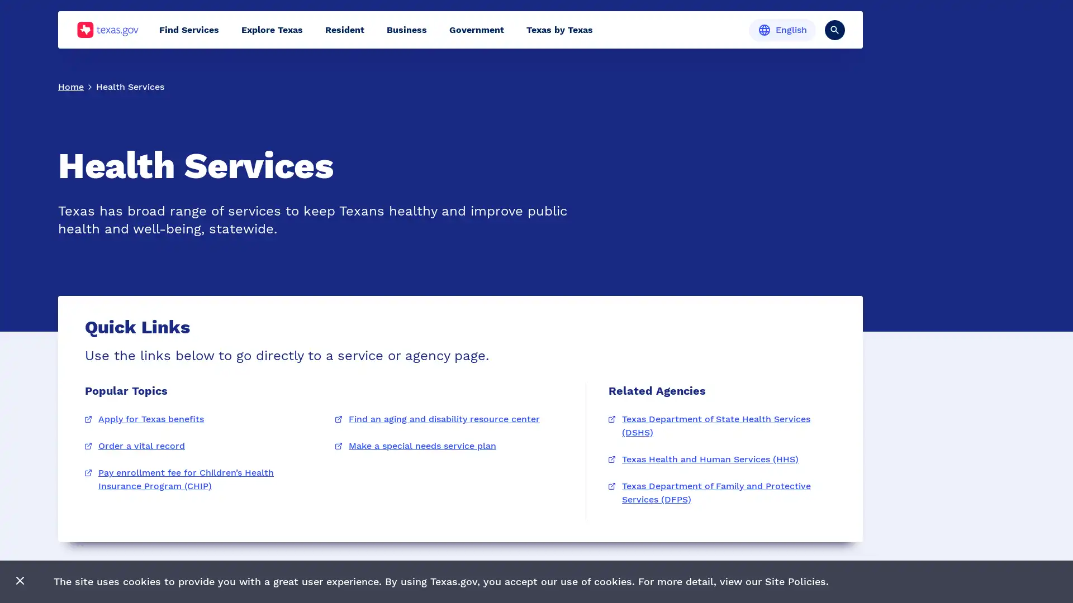  What do you see at coordinates (834, 29) in the screenshot?
I see `Search` at bounding box center [834, 29].